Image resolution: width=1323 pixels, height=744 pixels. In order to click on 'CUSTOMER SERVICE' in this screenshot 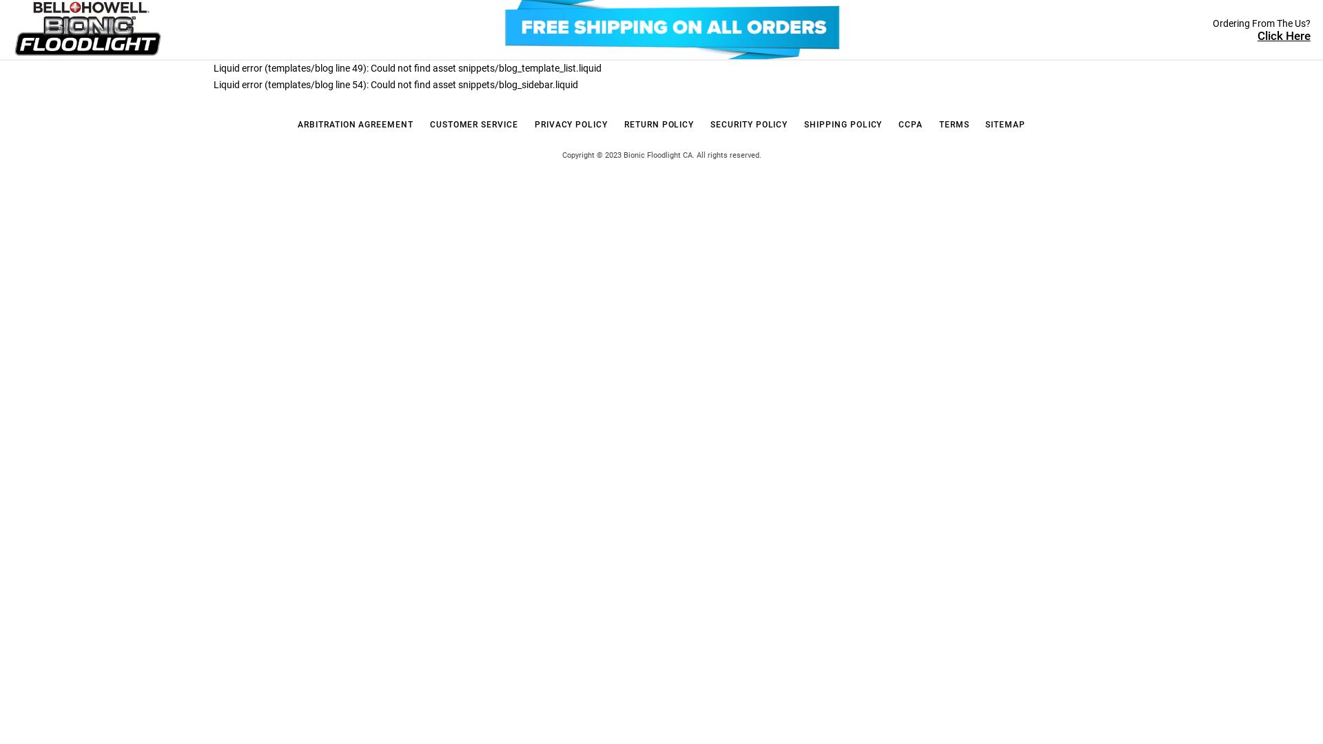, I will do `click(473, 125)`.